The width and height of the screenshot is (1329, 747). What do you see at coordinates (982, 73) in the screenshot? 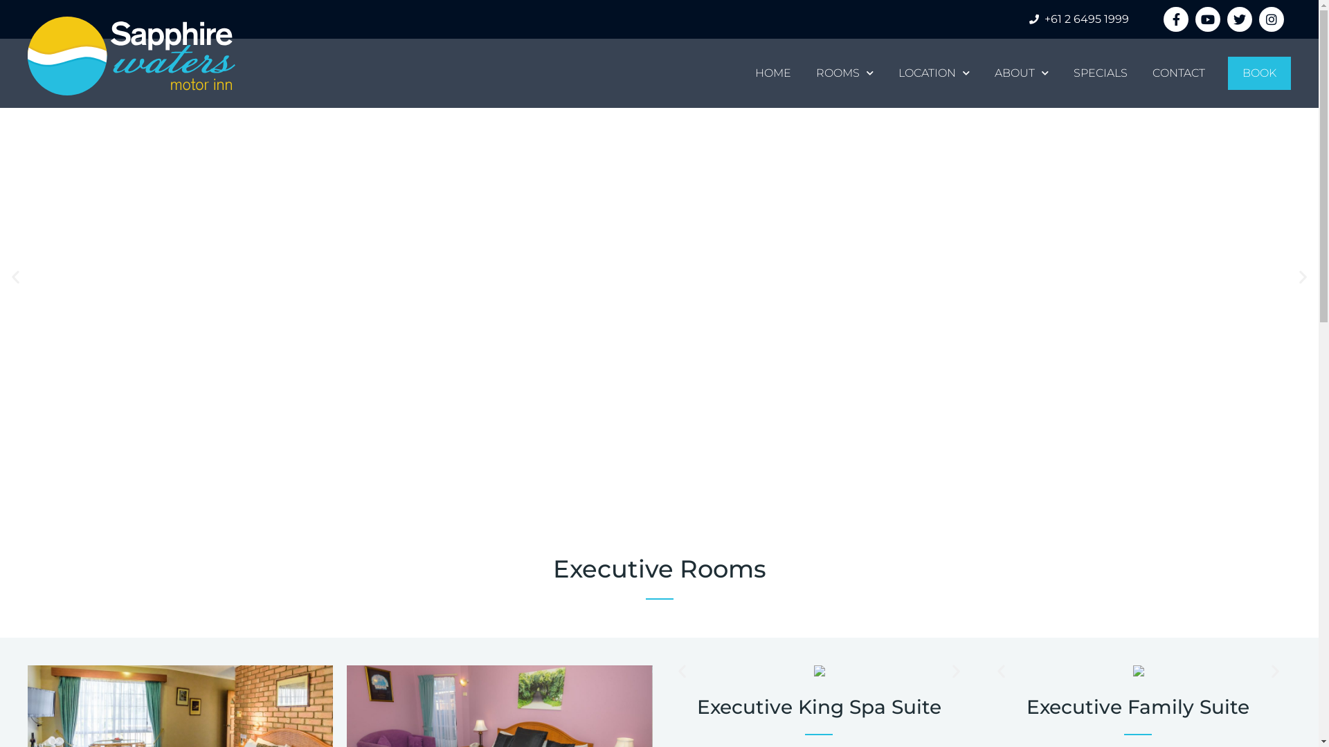
I see `'ABOUT'` at bounding box center [982, 73].